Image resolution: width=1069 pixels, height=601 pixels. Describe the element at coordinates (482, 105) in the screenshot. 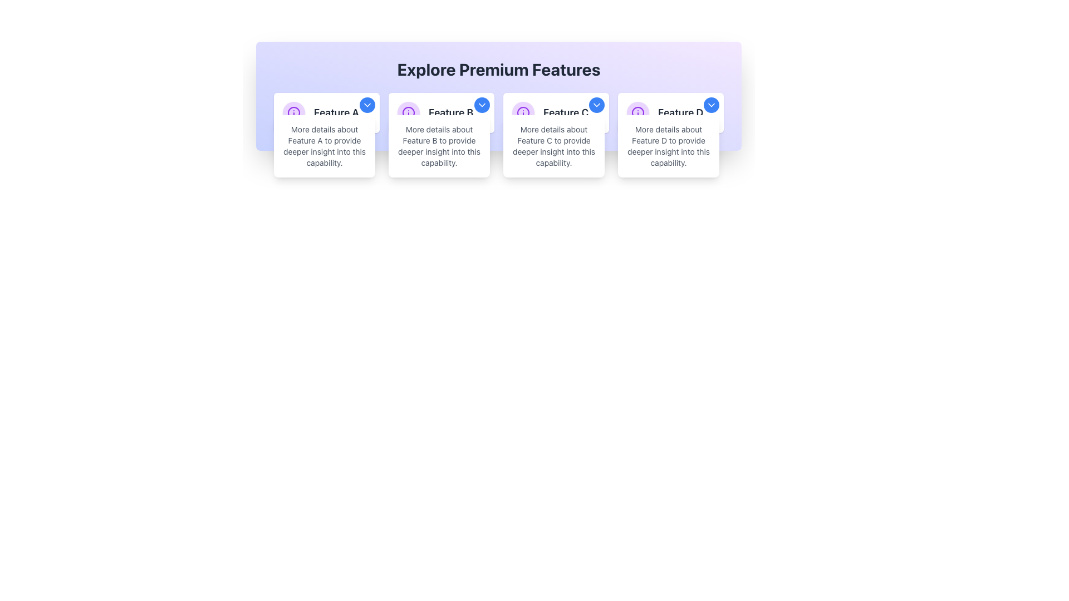

I see `the chevron icon located in the top-right corner of the 'Feature B' card` at that location.